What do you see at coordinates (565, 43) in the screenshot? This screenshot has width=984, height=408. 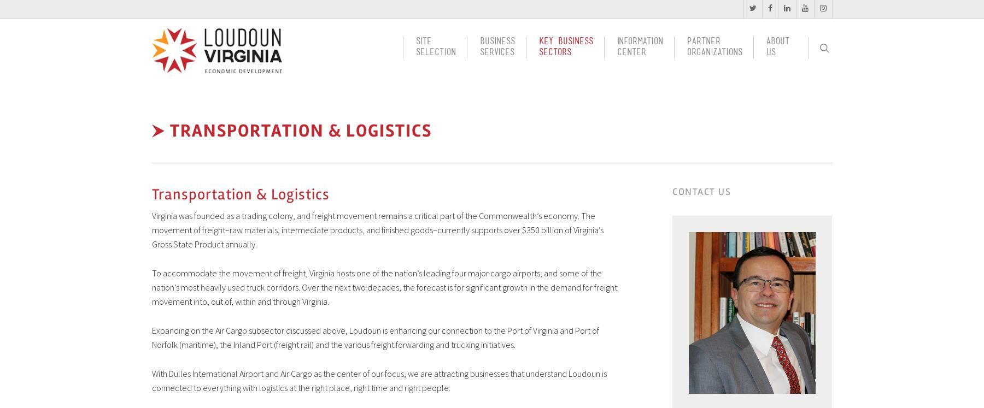 I see `'Key Business'` at bounding box center [565, 43].